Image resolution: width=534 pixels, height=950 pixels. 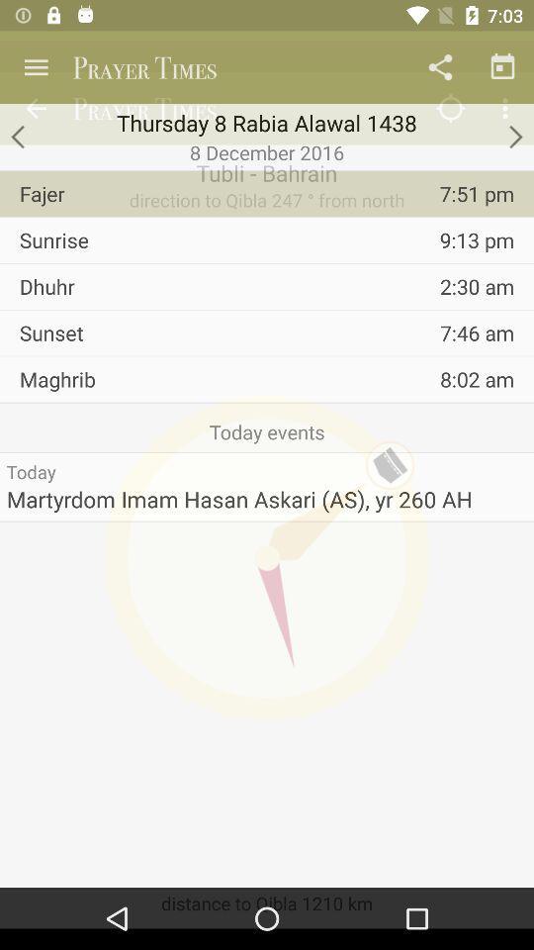 I want to click on go forward, so click(x=514, y=136).